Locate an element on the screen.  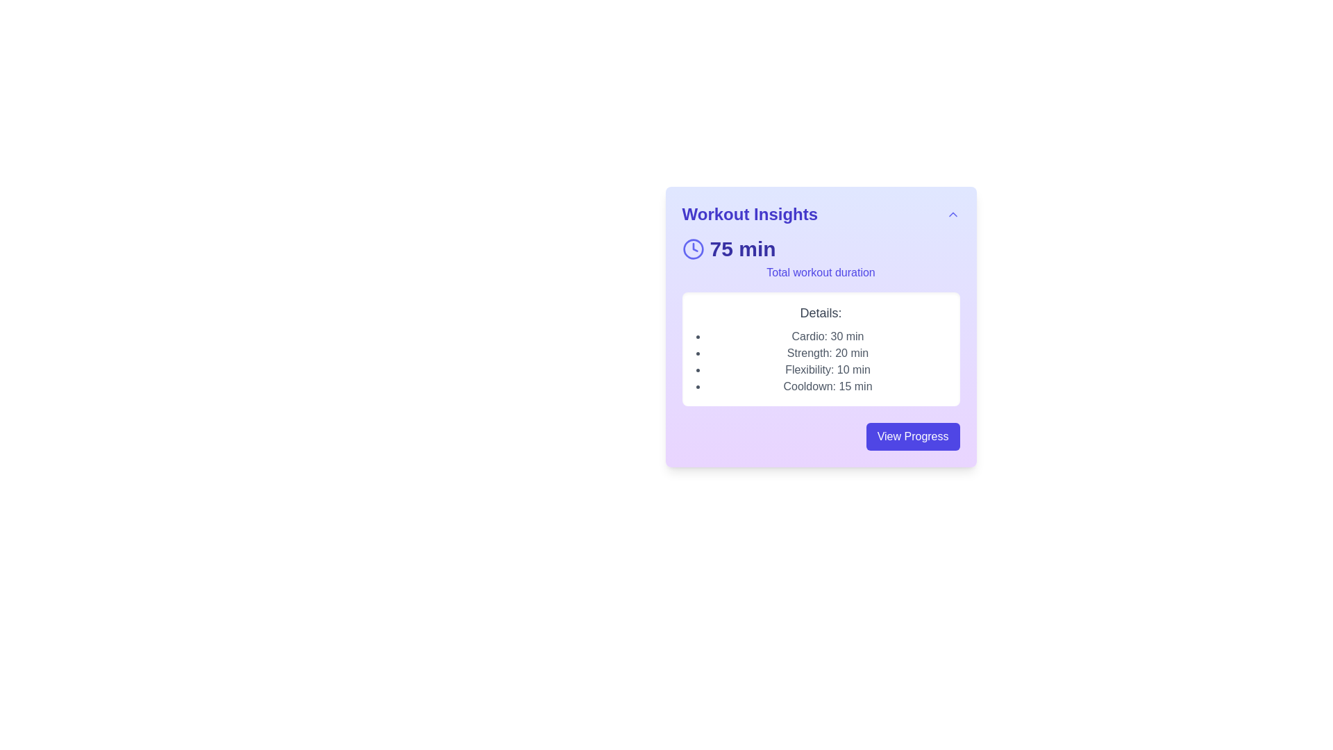
the bulleted list displaying workout details including 'Cardio: 30 min,' 'Strength: 20 min,' 'Flexibility: 10 min,' and 'Cooldown: 15 min,' located below the 'Details:' label in the 'Workout Insights' section is located at coordinates (828, 360).